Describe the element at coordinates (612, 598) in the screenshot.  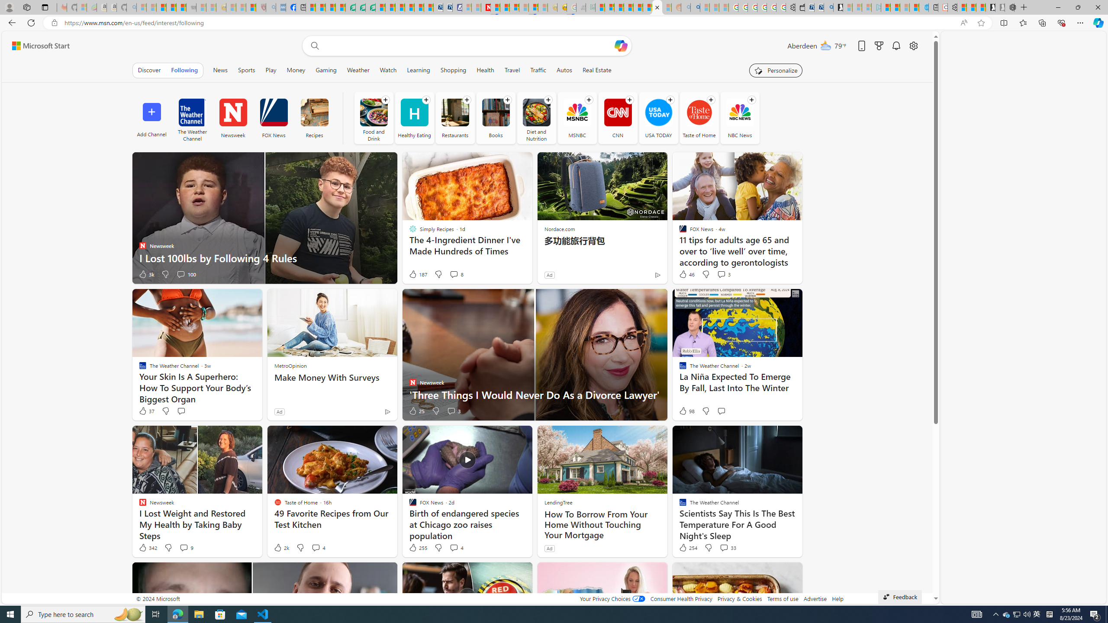
I see `'Your Privacy Choices'` at that location.